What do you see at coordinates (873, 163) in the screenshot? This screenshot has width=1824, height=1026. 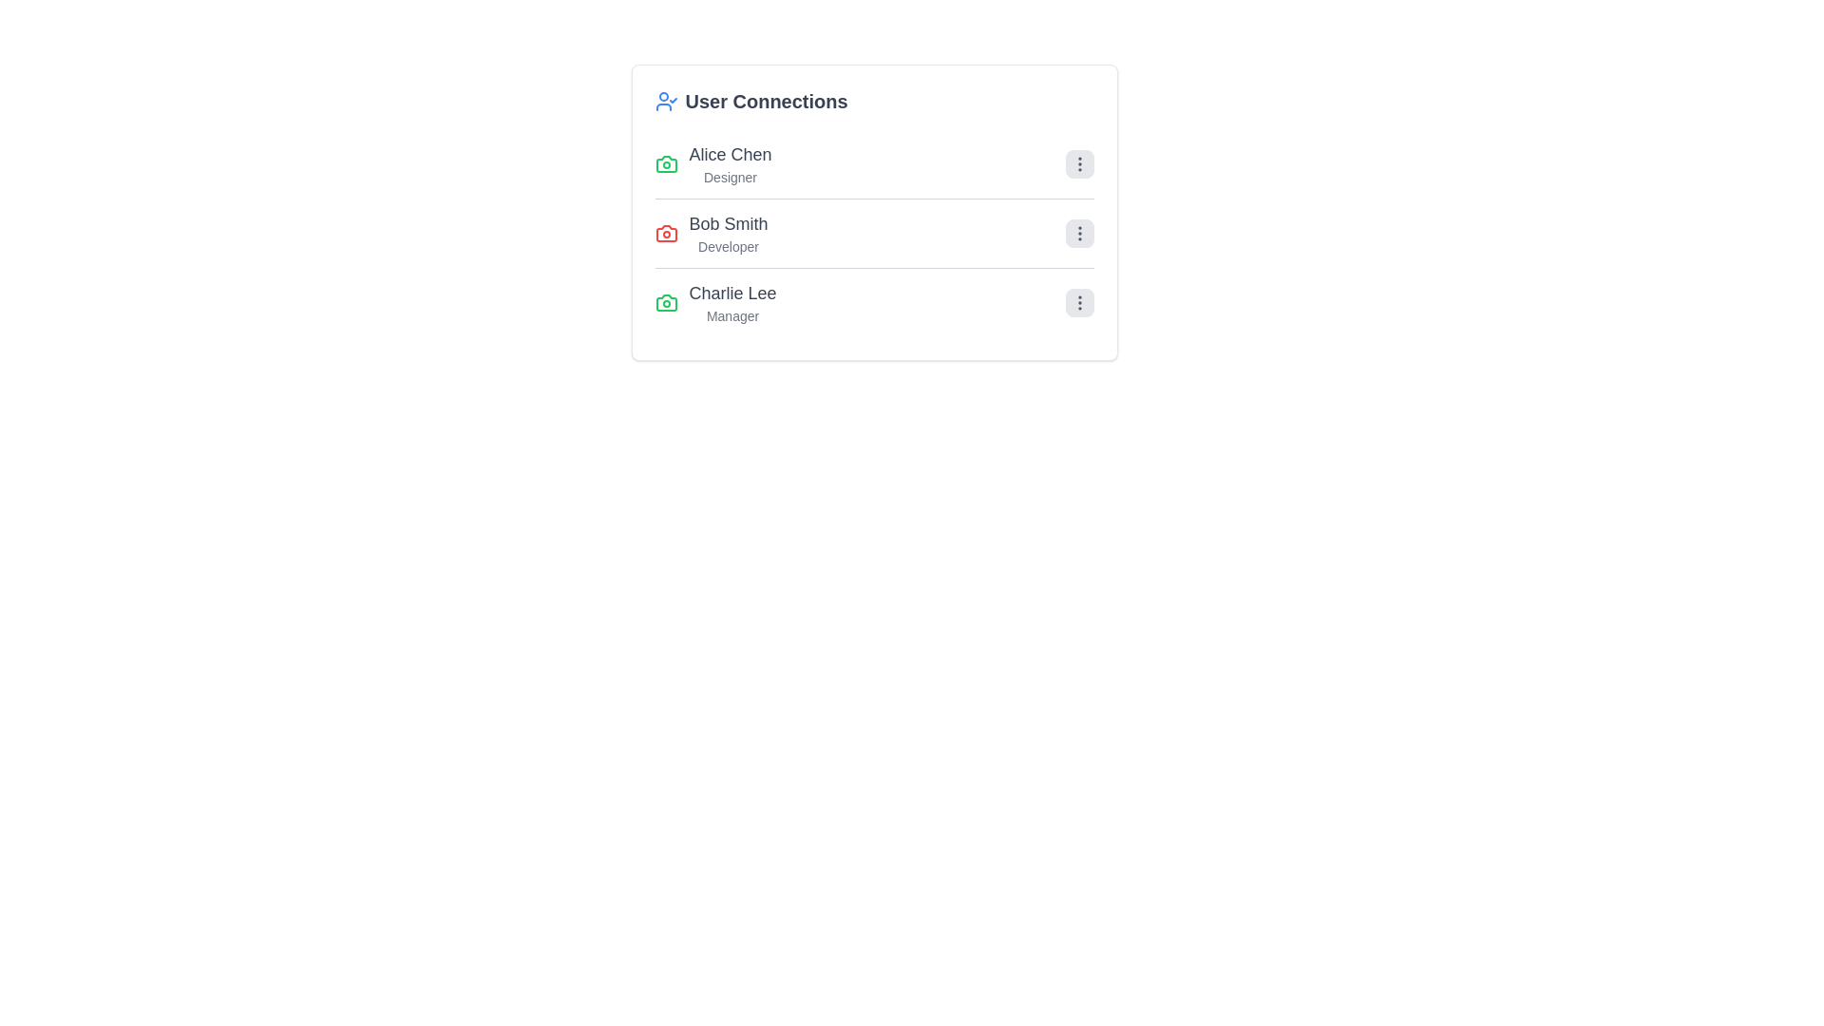 I see `the List item component displaying information about the user 'Alice Chen'` at bounding box center [873, 163].